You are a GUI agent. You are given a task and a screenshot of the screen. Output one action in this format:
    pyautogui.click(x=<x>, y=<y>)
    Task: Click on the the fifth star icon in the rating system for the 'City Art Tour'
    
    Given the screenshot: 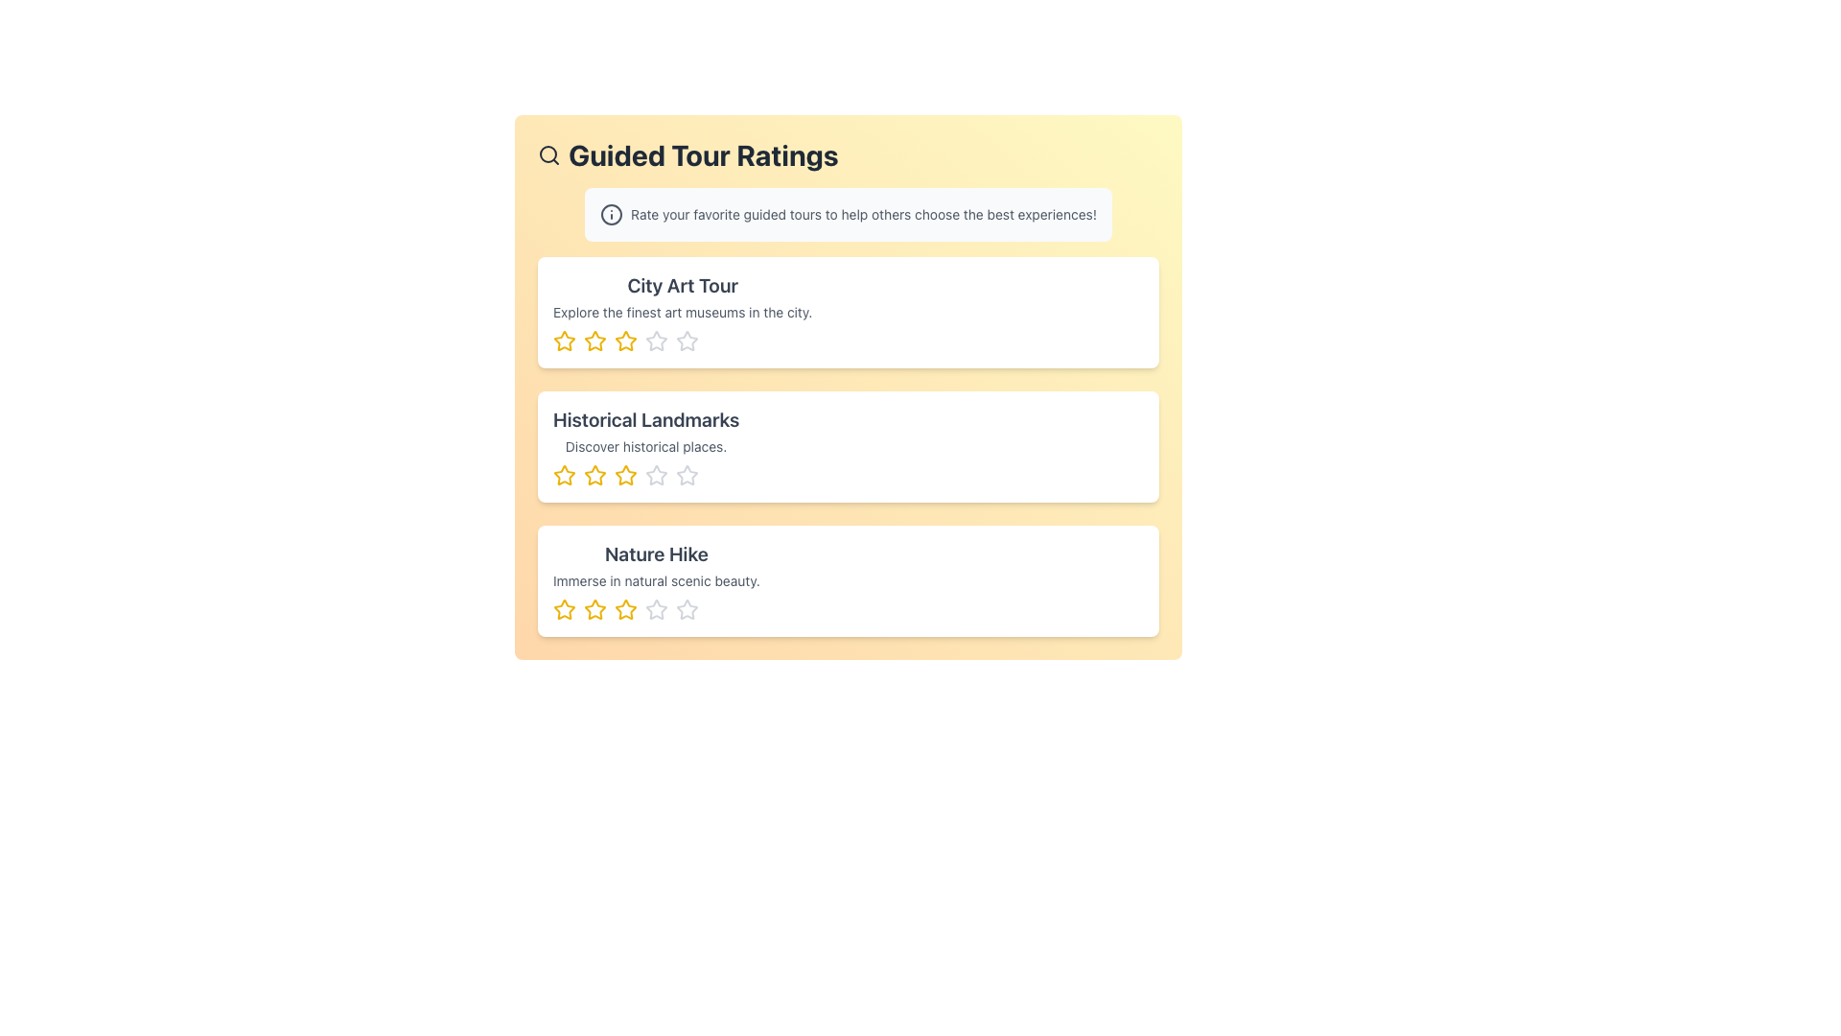 What is the action you would take?
    pyautogui.click(x=687, y=340)
    